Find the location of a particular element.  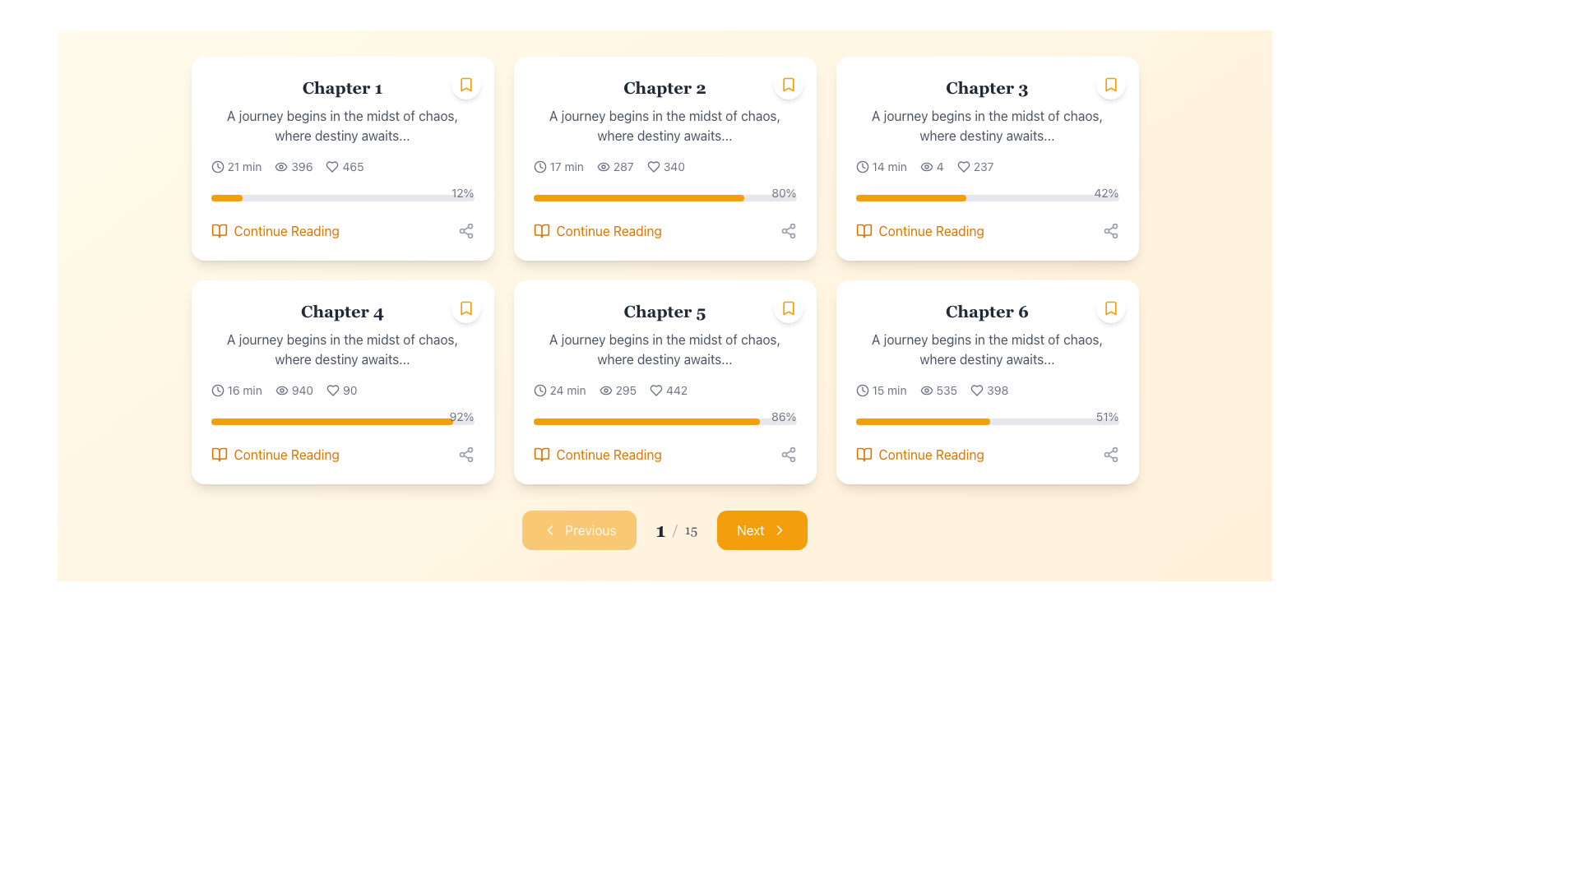

the text with heart icon showing '442', located within the card for 'Chapter 5' in the middle row and second column of the grid layout is located at coordinates (669, 390).